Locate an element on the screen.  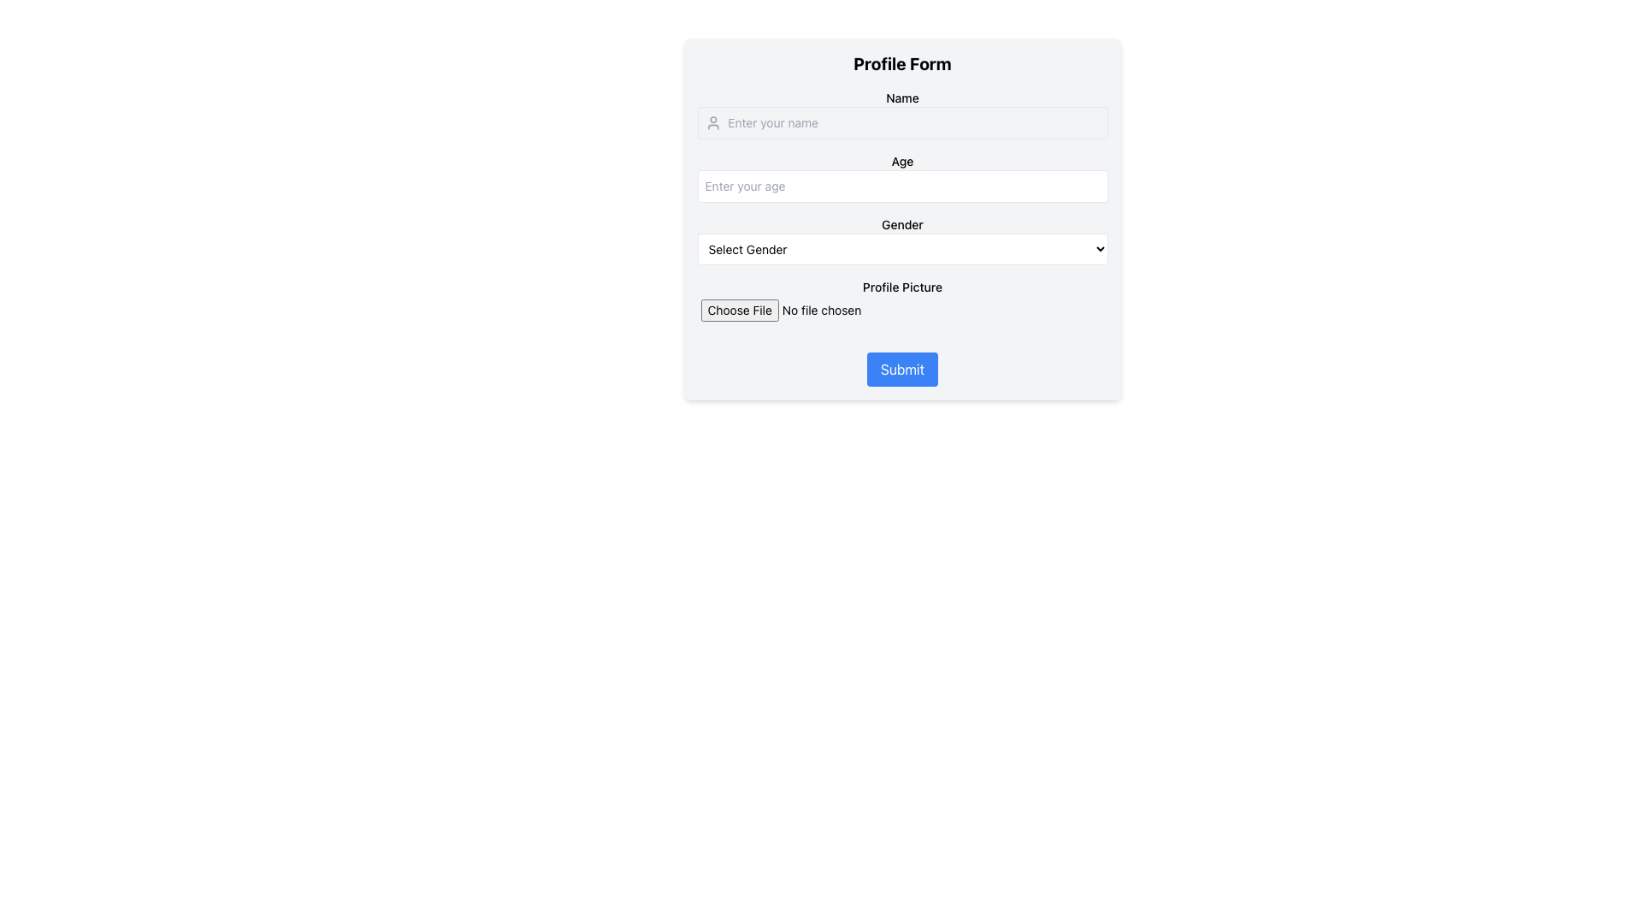
the dropdown menu labeled 'Gender' is located at coordinates (901, 249).